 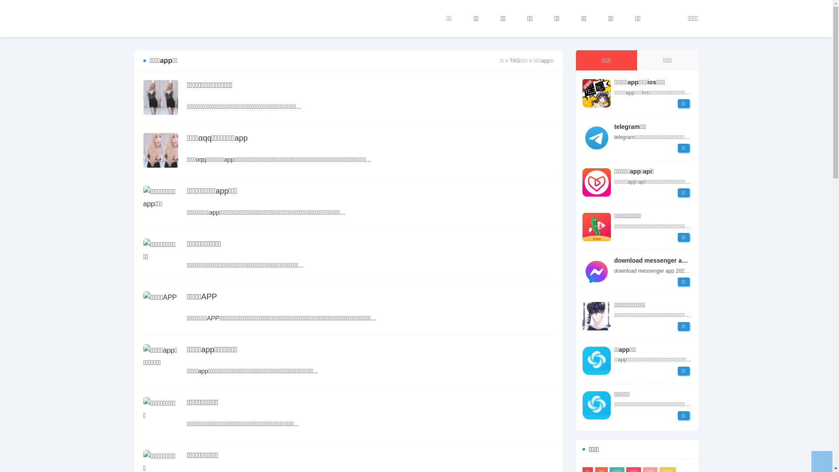 I want to click on 'download messenger app 2020', so click(x=614, y=260).